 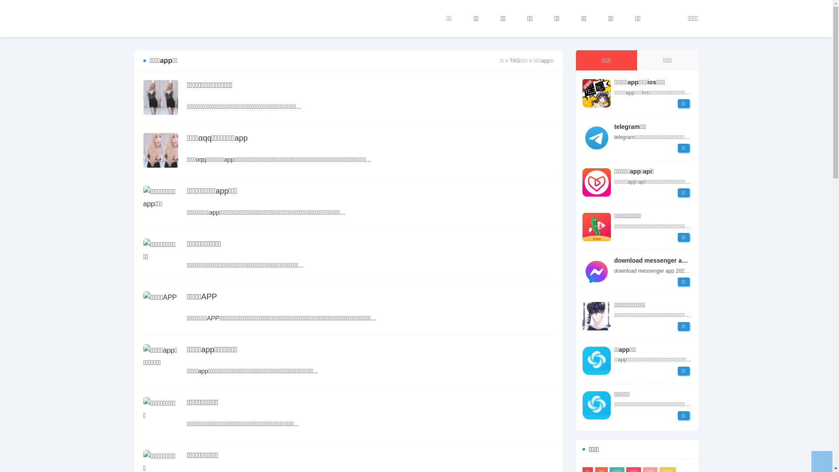 I want to click on 'download messenger app 2020', so click(x=614, y=260).